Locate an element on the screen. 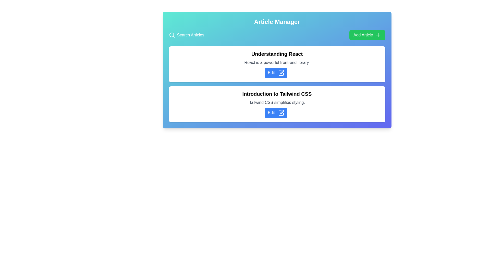 The width and height of the screenshot is (490, 275). the icon within the 'Add Article' green button located in the top-right portion of the interface is located at coordinates (378, 35).